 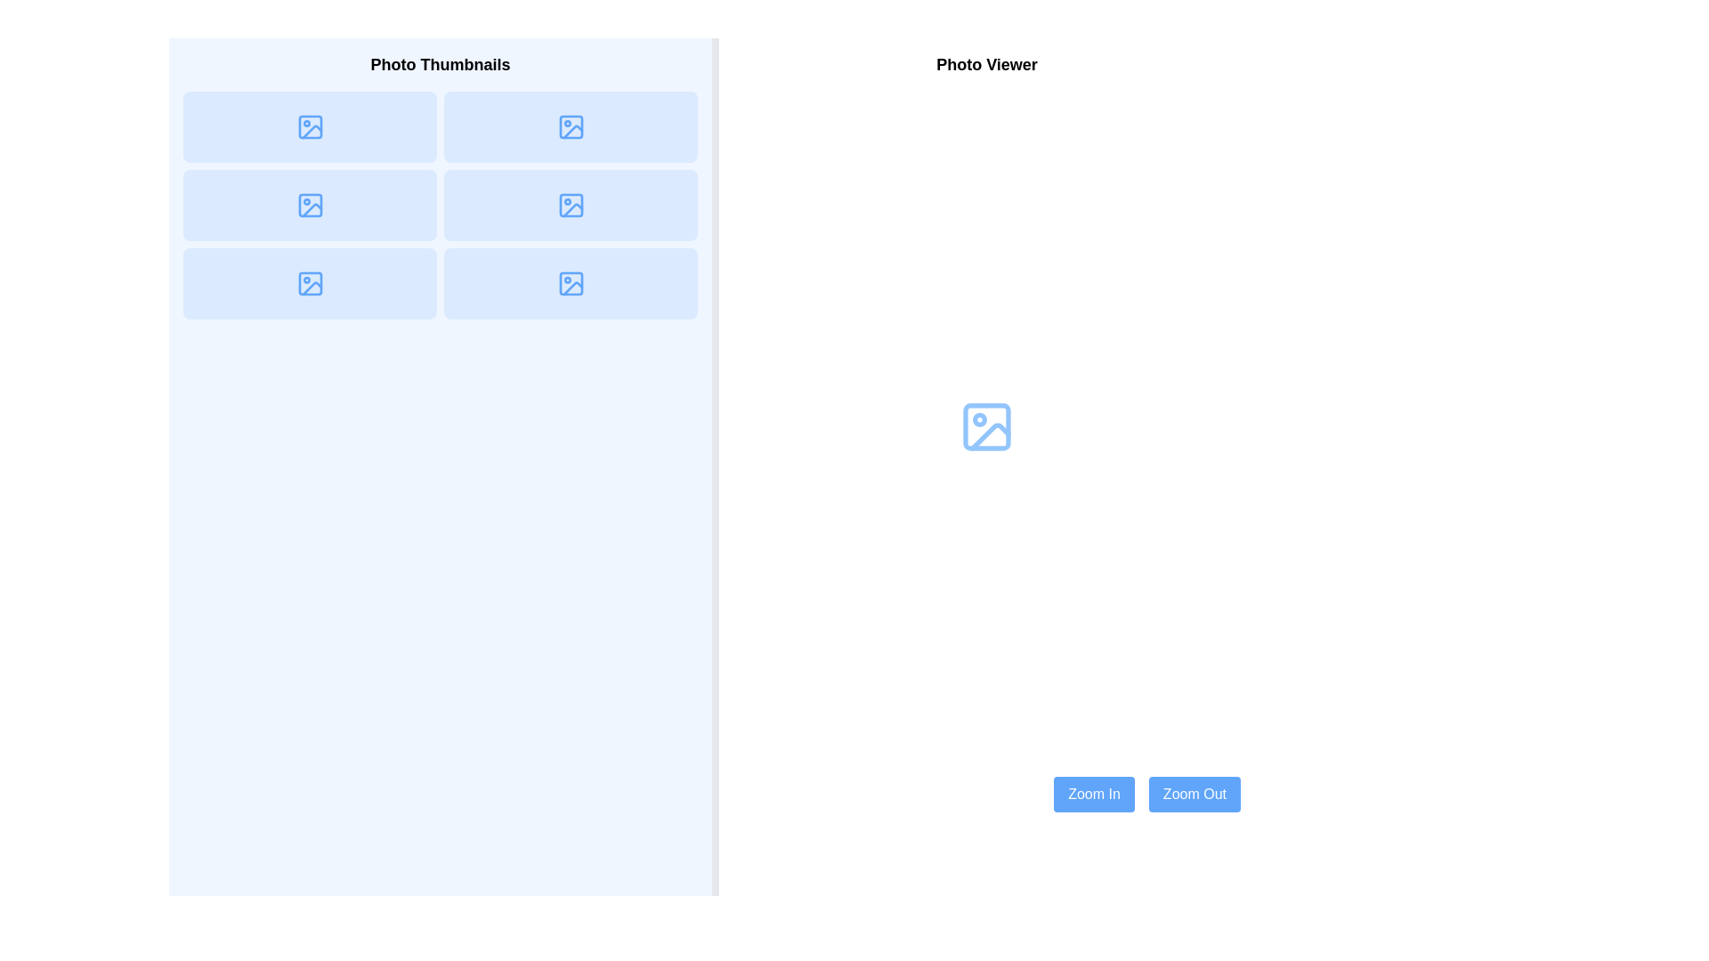 What do you see at coordinates (310, 283) in the screenshot?
I see `the blue image icon in the bottom row, first column of the 'Photo Thumbnails' grid` at bounding box center [310, 283].